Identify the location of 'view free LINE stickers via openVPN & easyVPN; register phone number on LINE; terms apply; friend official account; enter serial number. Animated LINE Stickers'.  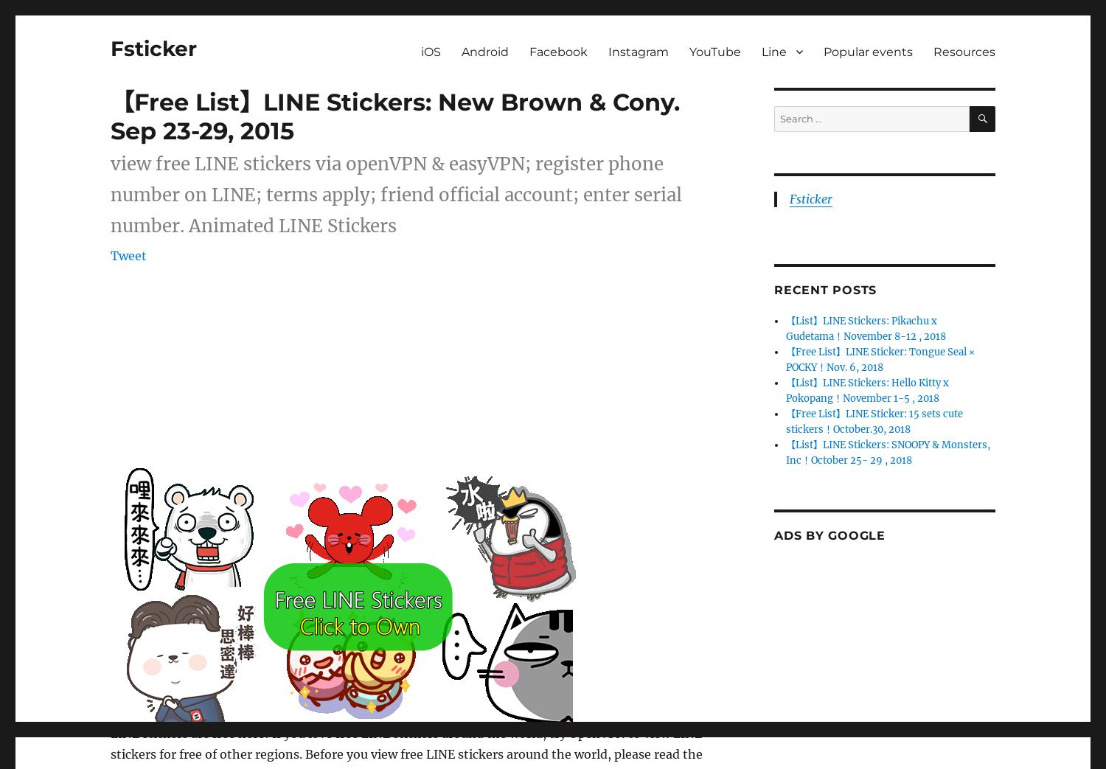
(396, 195).